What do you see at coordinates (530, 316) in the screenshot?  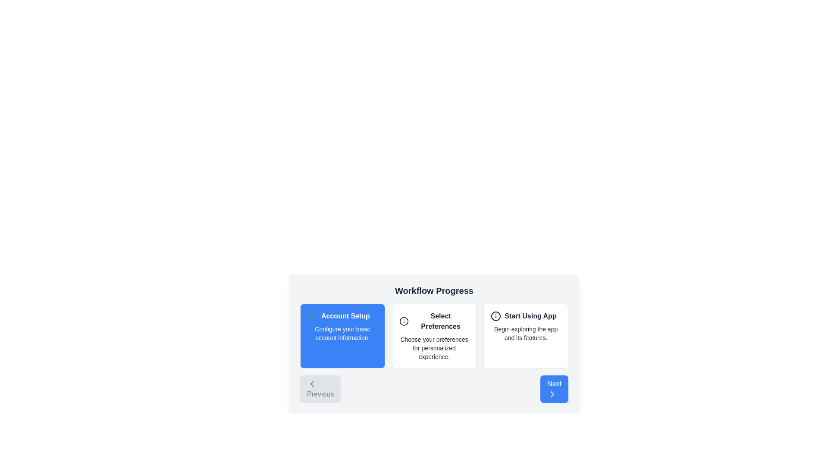 I see `text labeled 'Start Using App' located in the third and rightmost card of the workflow component, which includes an informational icon beside it and additional descriptive text below` at bounding box center [530, 316].